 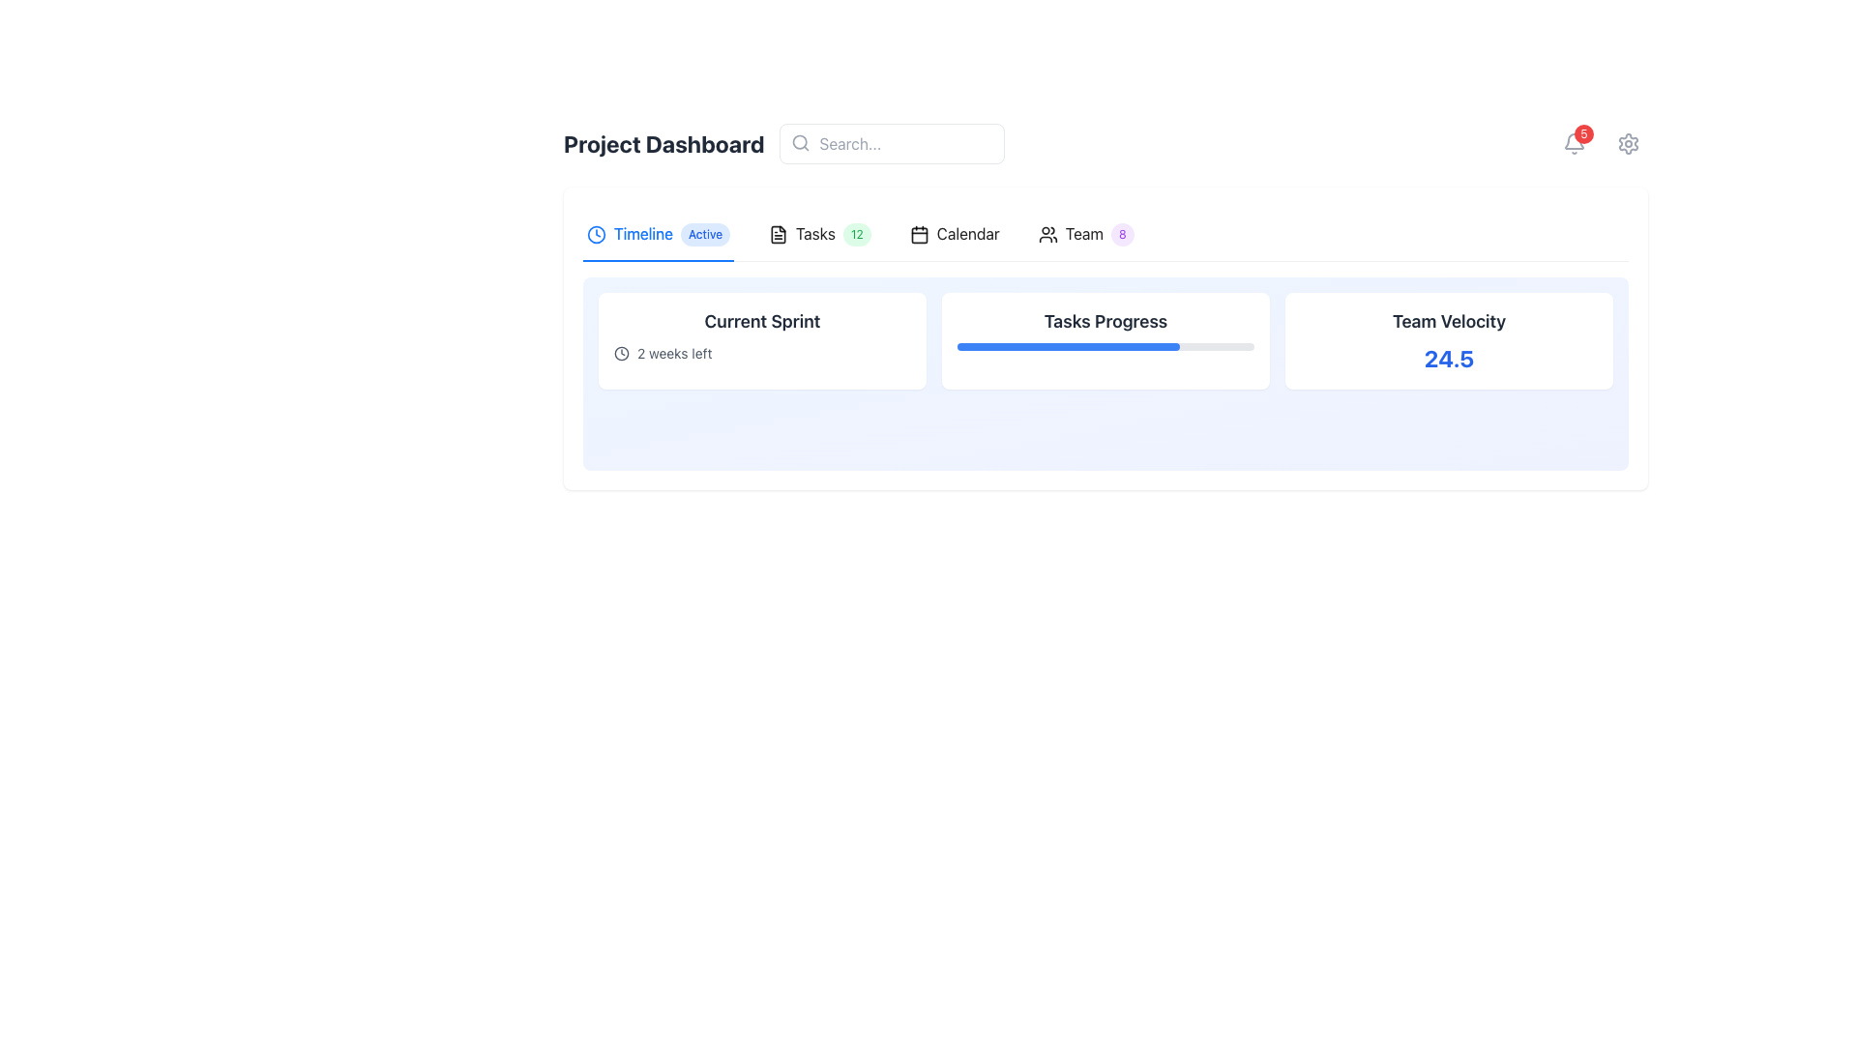 What do you see at coordinates (1122, 233) in the screenshot?
I see `numeric value '8' displayed on the small, circular badge with a light purple background located to the immediate right of the 'Team' label in the top navigation bar` at bounding box center [1122, 233].